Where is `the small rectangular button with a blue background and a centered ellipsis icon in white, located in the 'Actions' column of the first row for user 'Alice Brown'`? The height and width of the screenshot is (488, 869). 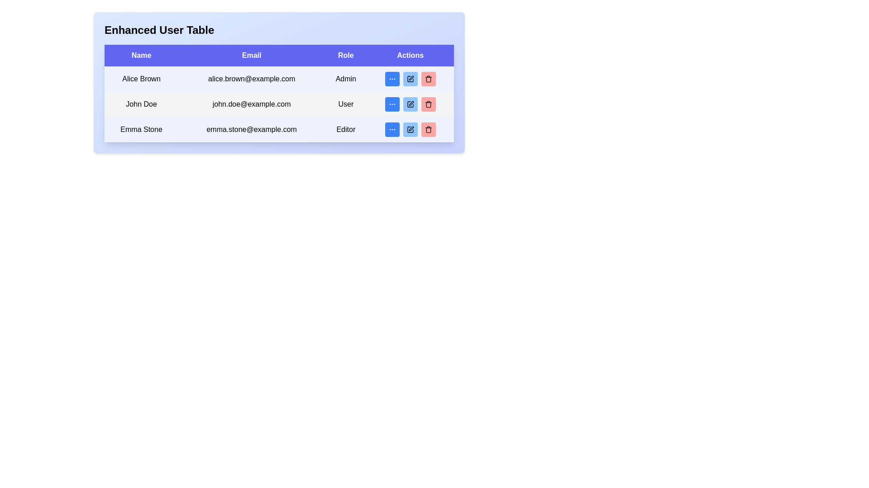
the small rectangular button with a blue background and a centered ellipsis icon in white, located in the 'Actions' column of the first row for user 'Alice Brown' is located at coordinates (392, 78).